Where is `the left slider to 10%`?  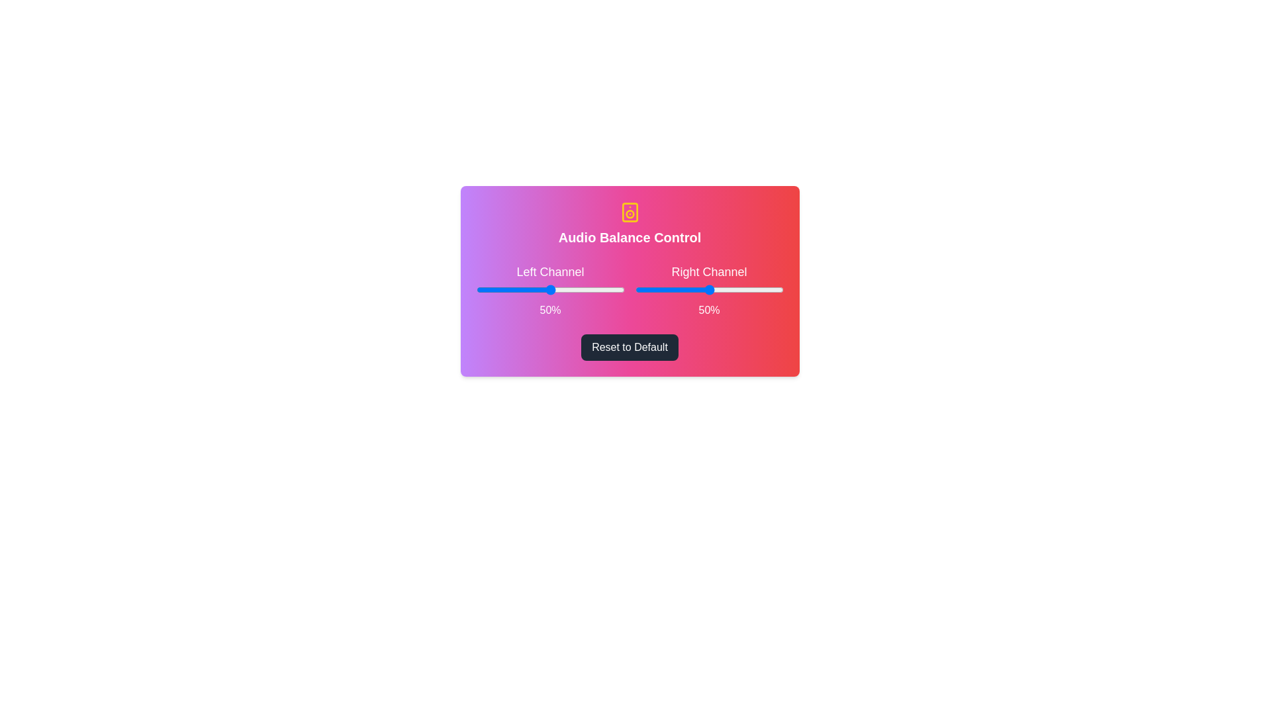
the left slider to 10% is located at coordinates (490, 289).